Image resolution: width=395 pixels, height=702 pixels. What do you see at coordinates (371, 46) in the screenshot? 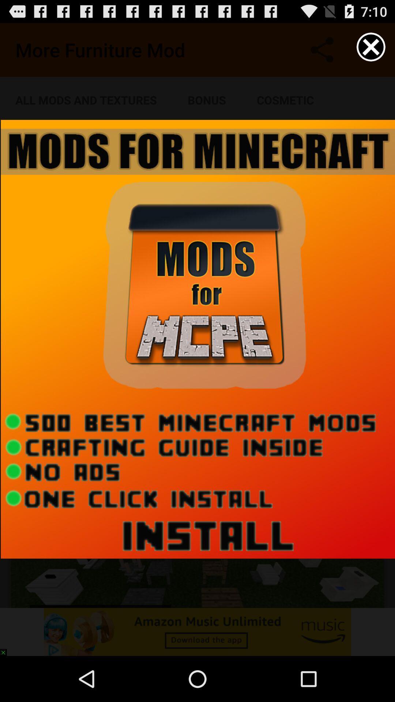
I see `close` at bounding box center [371, 46].